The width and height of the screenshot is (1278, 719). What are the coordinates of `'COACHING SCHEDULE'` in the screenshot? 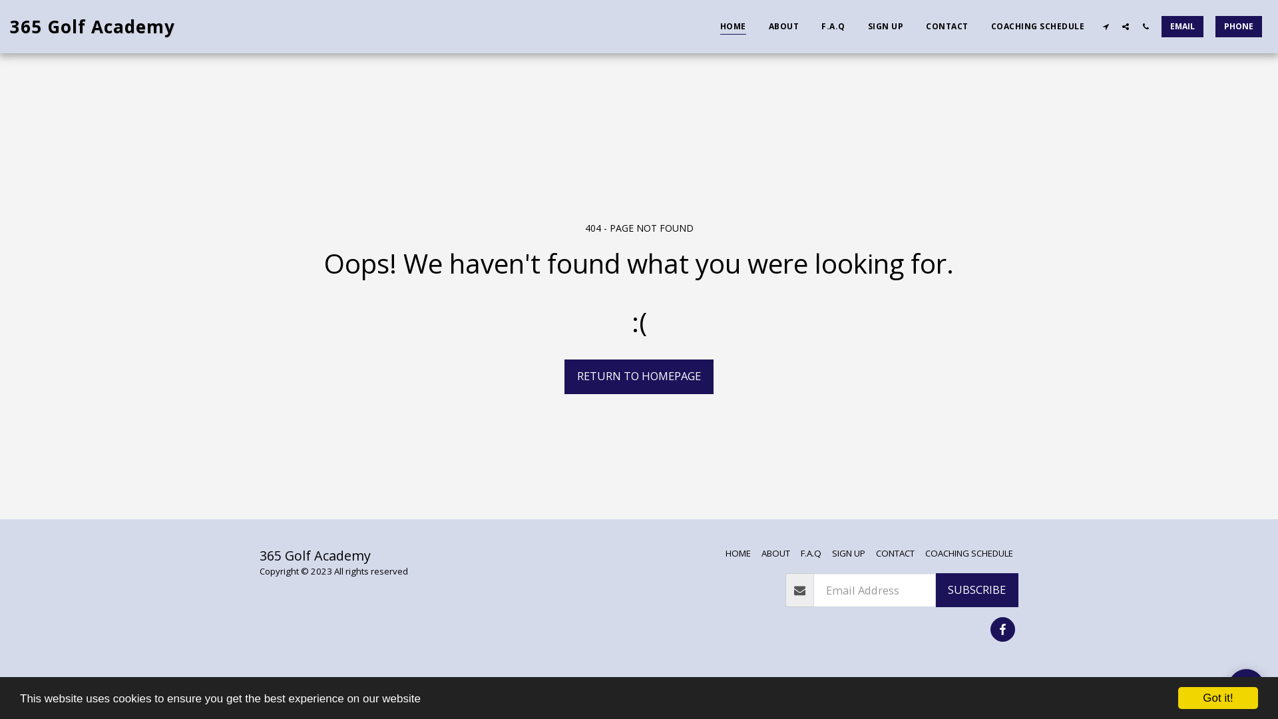 It's located at (968, 553).